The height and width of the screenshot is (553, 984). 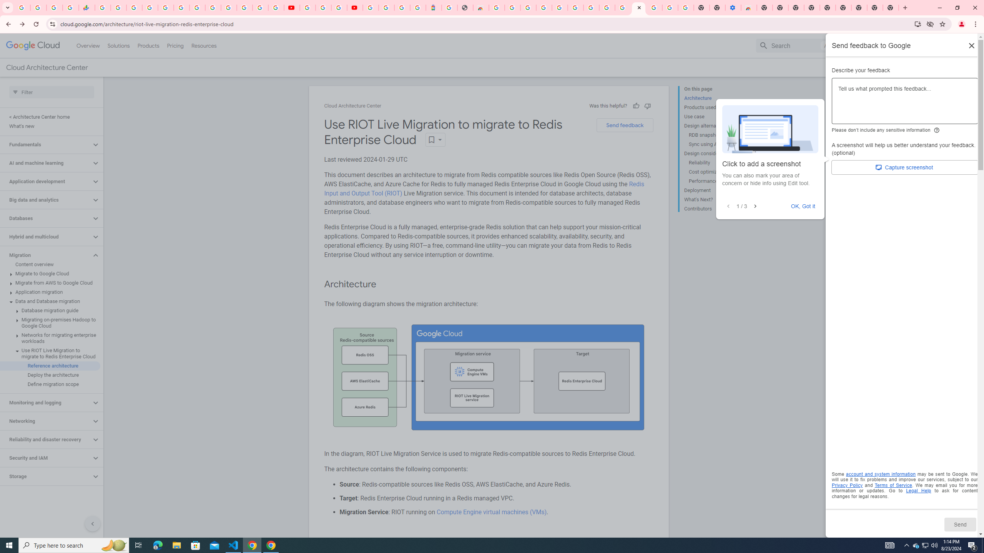 I want to click on 'Privacy Checkup', so click(x=276, y=7).